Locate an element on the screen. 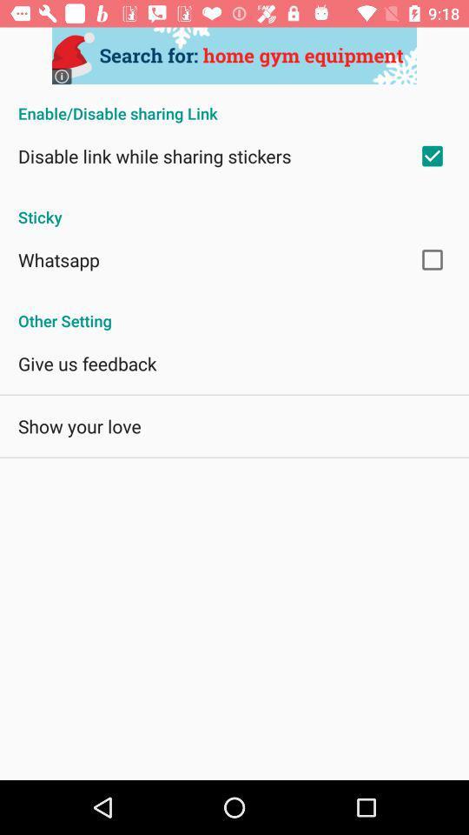  enable disable sharing is located at coordinates (234, 104).